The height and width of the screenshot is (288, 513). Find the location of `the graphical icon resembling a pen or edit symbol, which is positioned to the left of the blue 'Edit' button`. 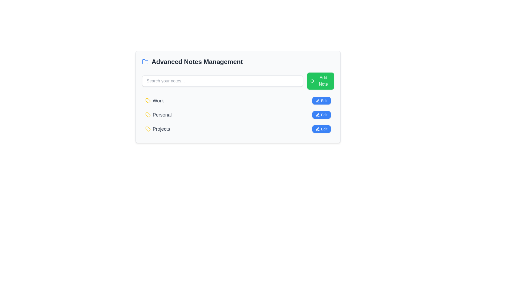

the graphical icon resembling a pen or edit symbol, which is positioned to the left of the blue 'Edit' button is located at coordinates (318, 101).